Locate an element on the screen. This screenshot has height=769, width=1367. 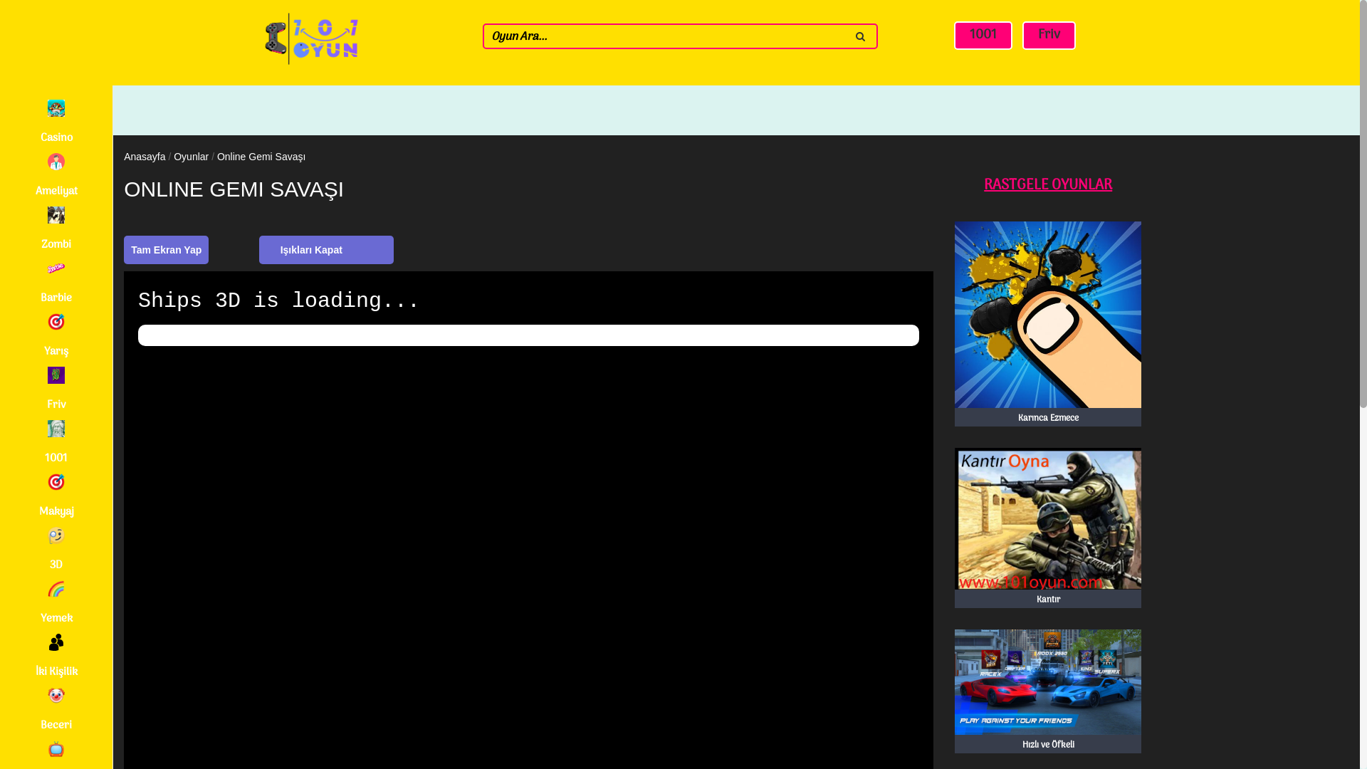
'Casino' is located at coordinates (0, 122).